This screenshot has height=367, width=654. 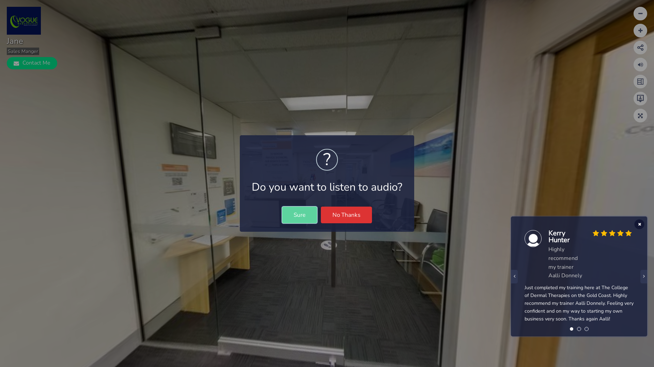 What do you see at coordinates (346, 215) in the screenshot?
I see `'No Thanks'` at bounding box center [346, 215].